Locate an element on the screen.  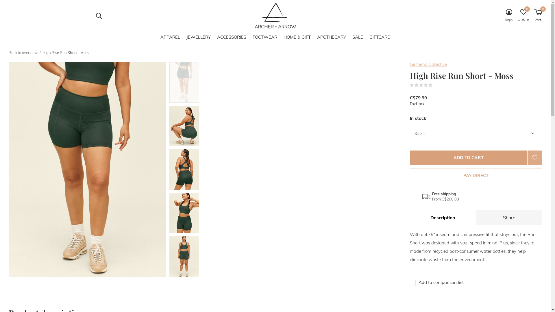
'APOTHECARY' is located at coordinates (331, 37).